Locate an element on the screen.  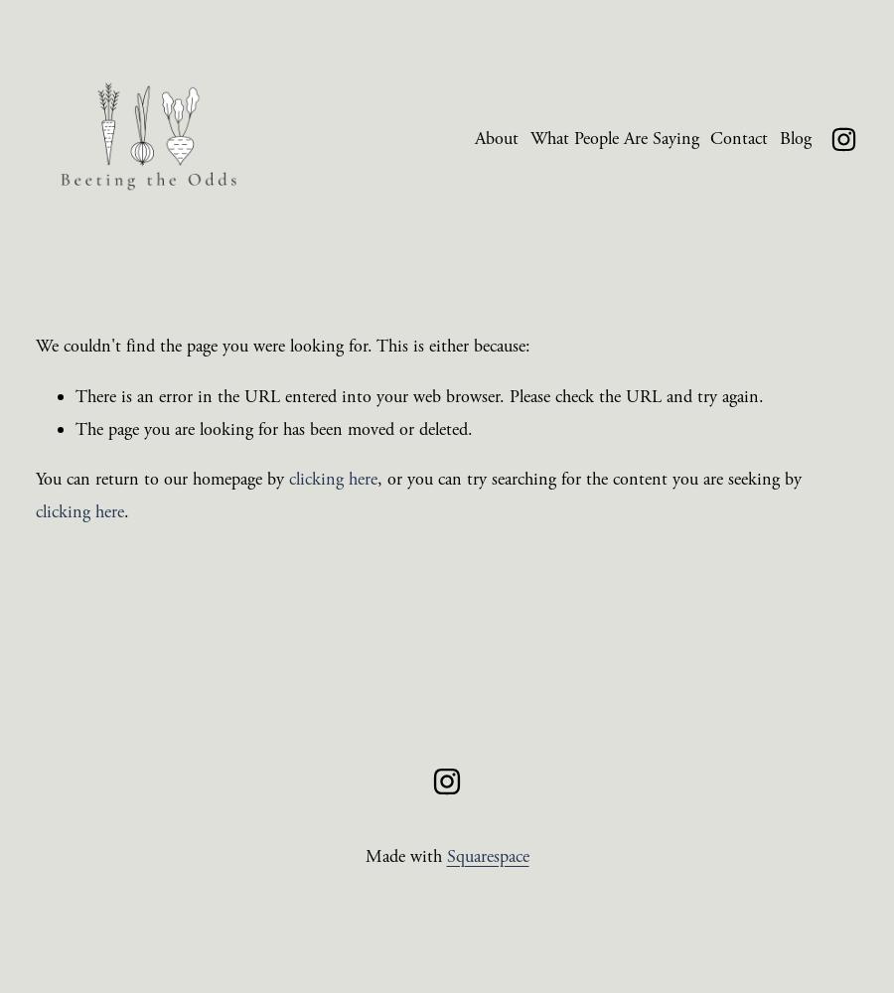
'You can return to our homepage by' is located at coordinates (162, 478).